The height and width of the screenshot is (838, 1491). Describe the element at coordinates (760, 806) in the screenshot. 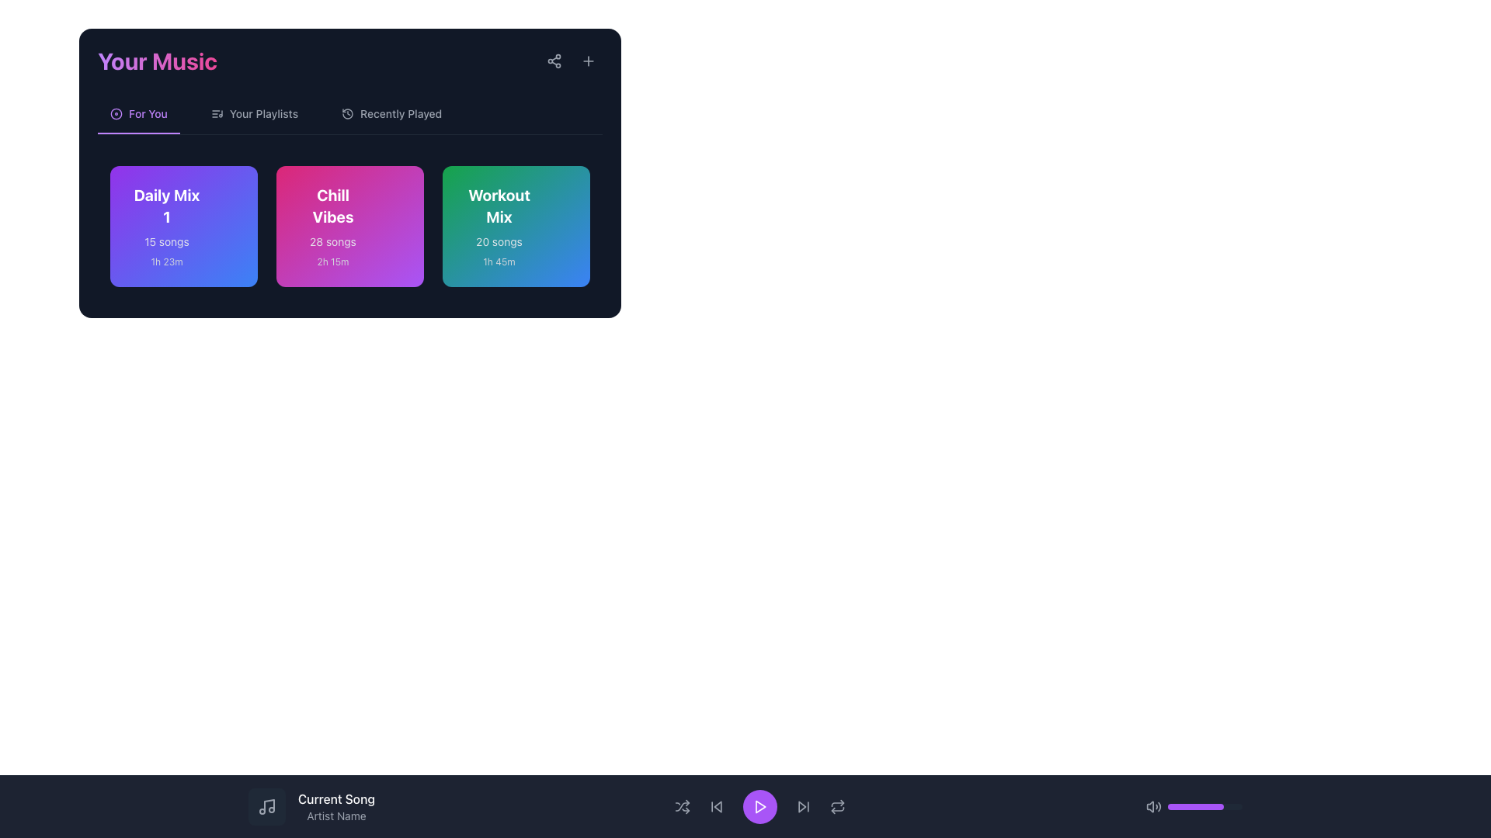

I see `the prominent circular purple button with a white triangular play icon at its center` at that location.